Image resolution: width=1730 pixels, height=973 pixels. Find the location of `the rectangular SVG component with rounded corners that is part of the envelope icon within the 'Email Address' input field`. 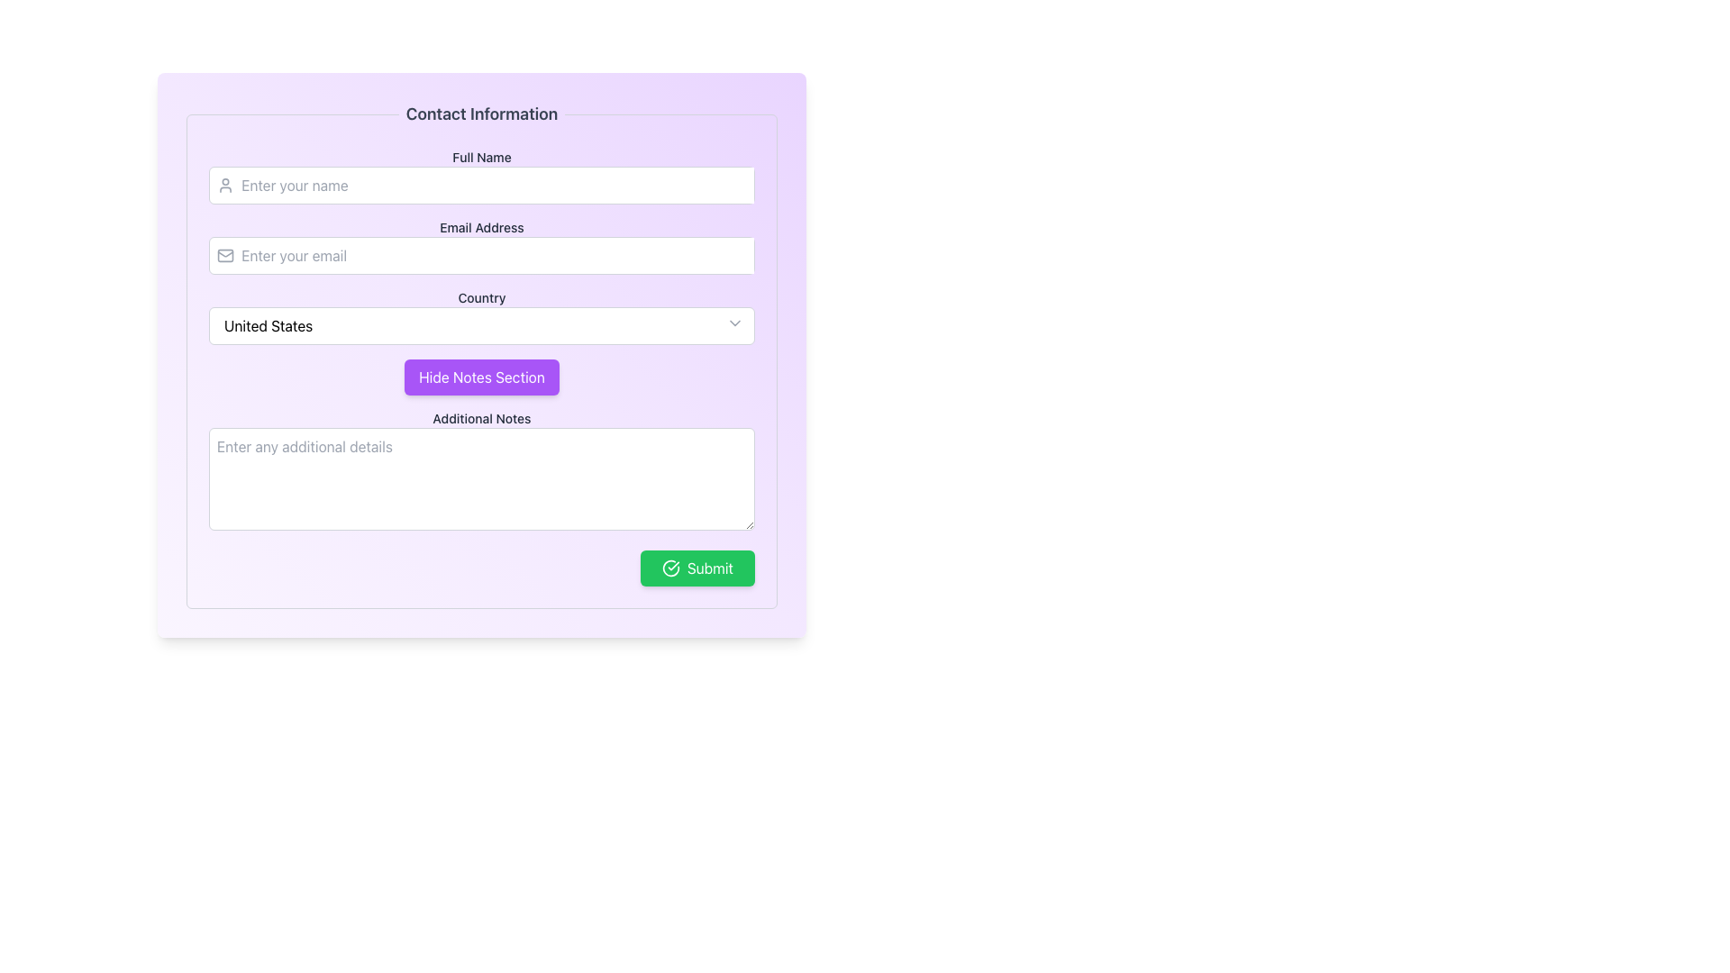

the rectangular SVG component with rounded corners that is part of the envelope icon within the 'Email Address' input field is located at coordinates (224, 256).